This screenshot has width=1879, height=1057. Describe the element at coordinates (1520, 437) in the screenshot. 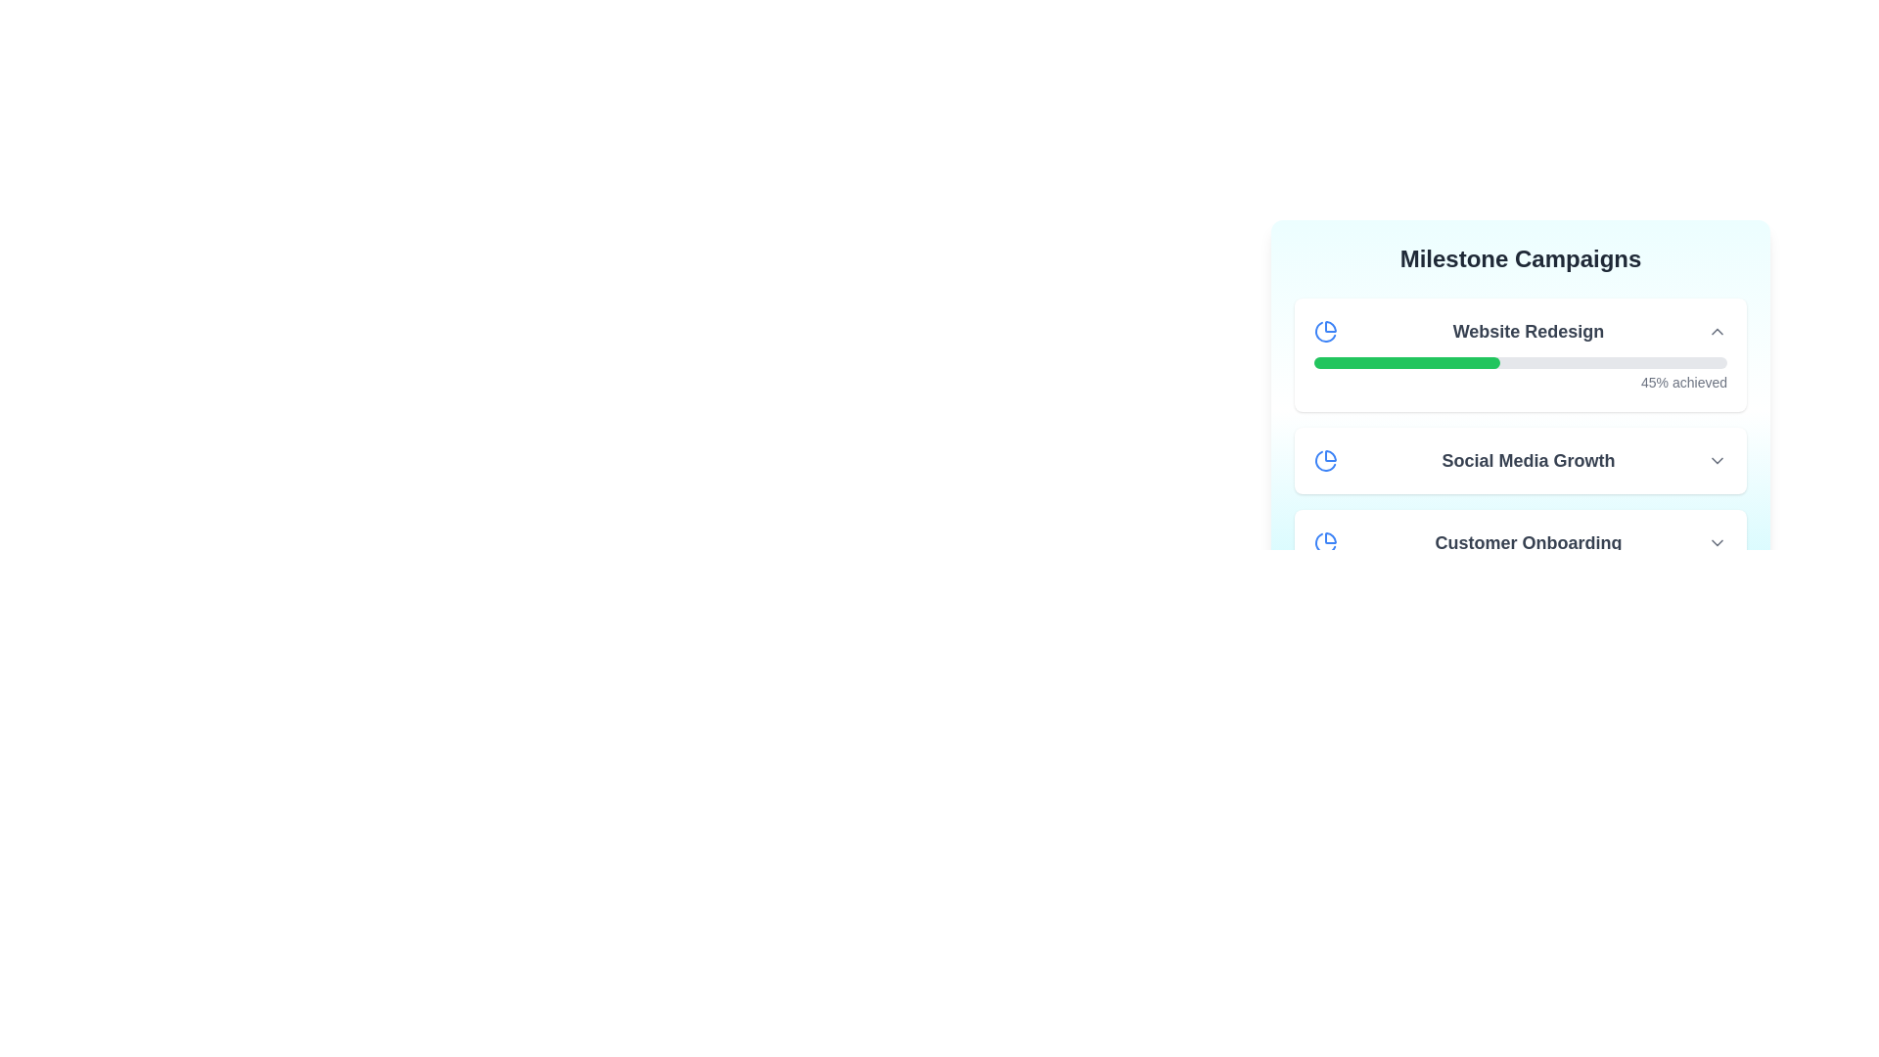

I see `the second item in the 'Milestone Campaigns' list, which represents the 'Social Media Growth' milestone` at that location.